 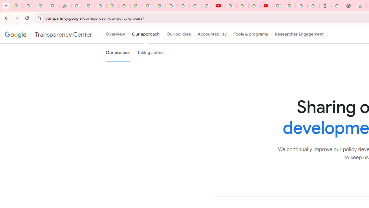 What do you see at coordinates (150, 53) in the screenshot?
I see `'Taking action'` at bounding box center [150, 53].